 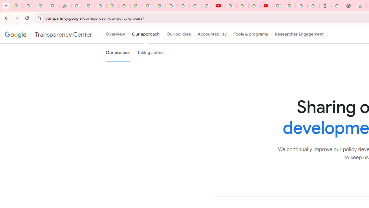 What do you see at coordinates (150, 53) in the screenshot?
I see `'Taking action'` at bounding box center [150, 53].